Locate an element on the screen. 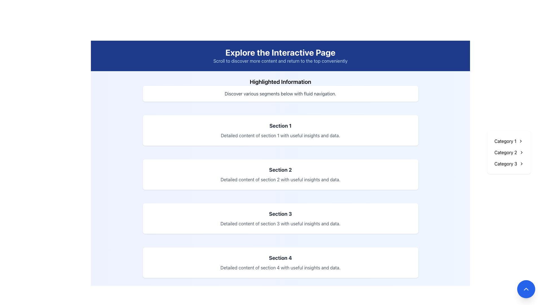 The width and height of the screenshot is (542, 305). the small right-pointing chevron icon located to the right of the text 'Category 2' in the vertical list of categories is located at coordinates (521, 152).